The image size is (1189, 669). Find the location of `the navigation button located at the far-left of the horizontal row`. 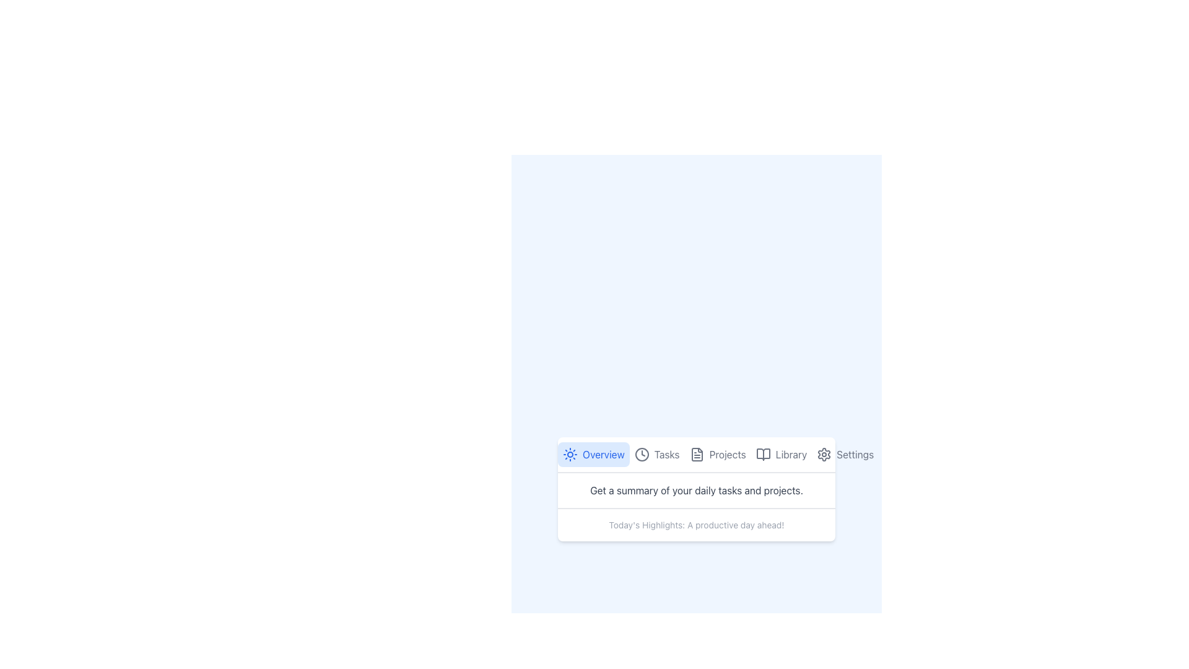

the navigation button located at the far-left of the horizontal row is located at coordinates (593, 454).